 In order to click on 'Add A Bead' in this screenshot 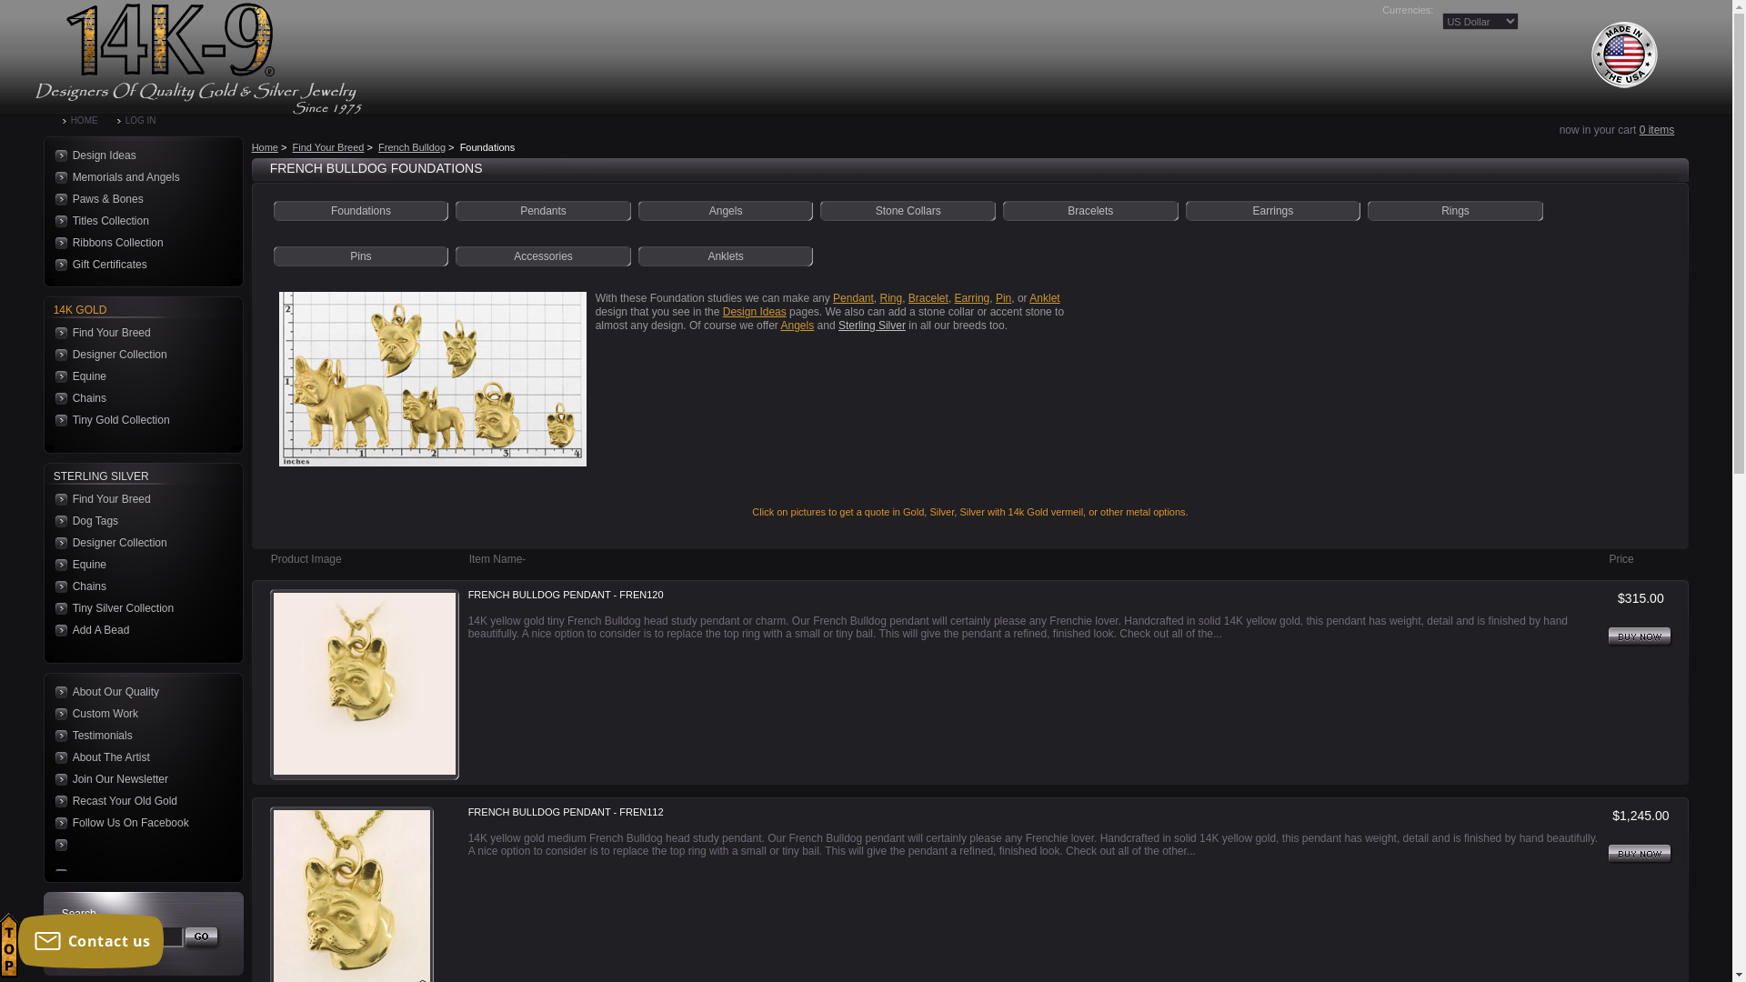, I will do `click(137, 629)`.